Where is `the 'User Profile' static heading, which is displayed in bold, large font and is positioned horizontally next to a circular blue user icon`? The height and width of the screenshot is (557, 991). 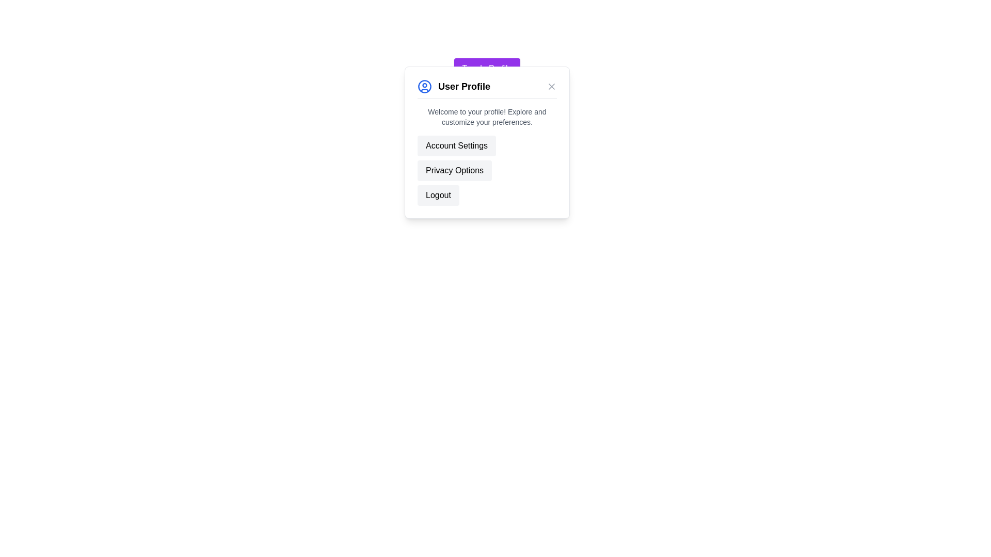 the 'User Profile' static heading, which is displayed in bold, large font and is positioned horizontally next to a circular blue user icon is located at coordinates (463, 86).